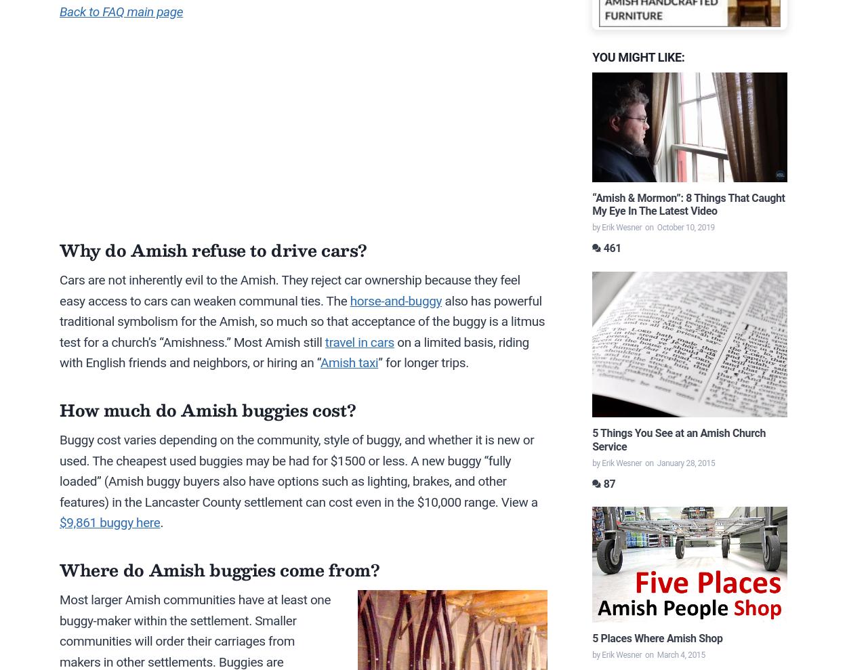 This screenshot has width=847, height=670. What do you see at coordinates (350, 299) in the screenshot?
I see `'horse-and-buggy'` at bounding box center [350, 299].